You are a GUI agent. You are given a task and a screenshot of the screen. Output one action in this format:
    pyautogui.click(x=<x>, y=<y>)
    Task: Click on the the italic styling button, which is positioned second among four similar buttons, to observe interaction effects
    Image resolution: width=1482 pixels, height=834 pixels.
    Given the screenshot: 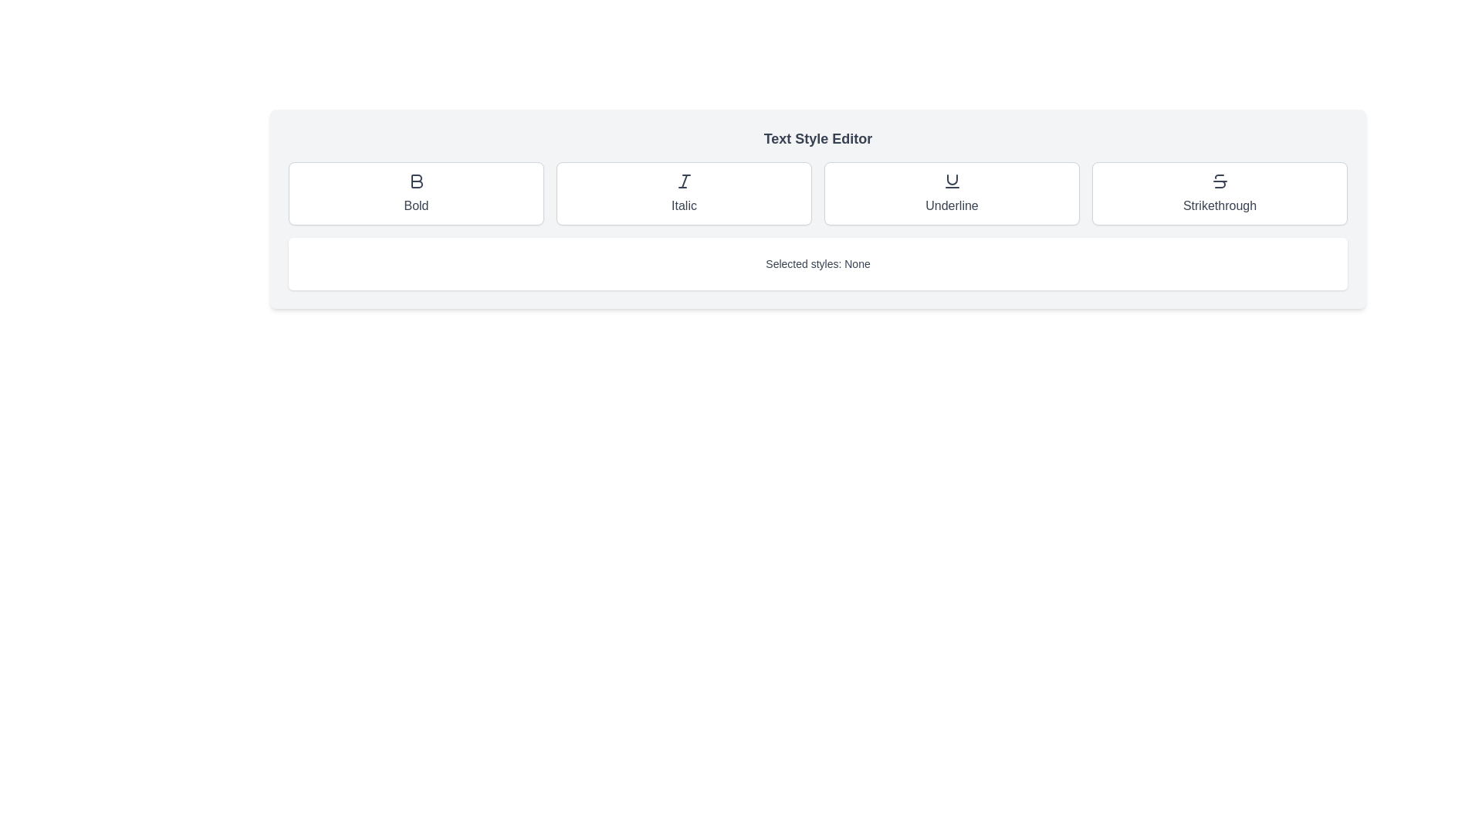 What is the action you would take?
    pyautogui.click(x=683, y=192)
    